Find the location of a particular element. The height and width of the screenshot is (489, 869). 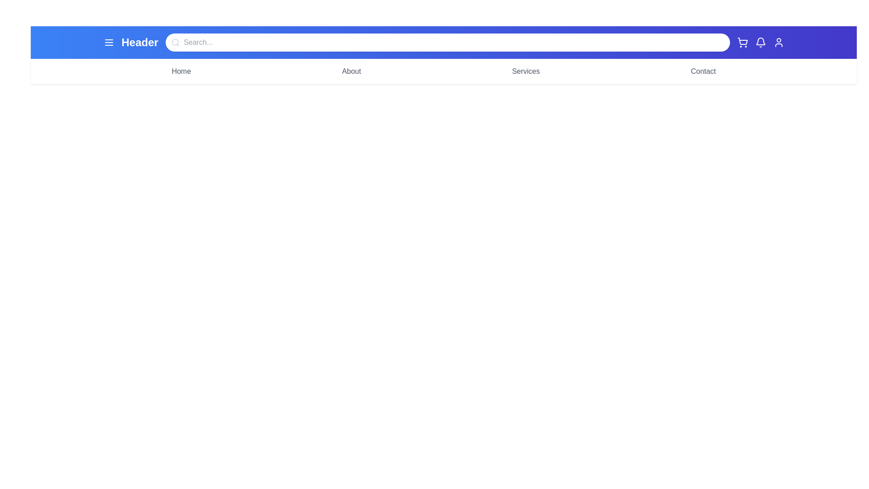

the menu item Home from the menu bar is located at coordinates (181, 71).